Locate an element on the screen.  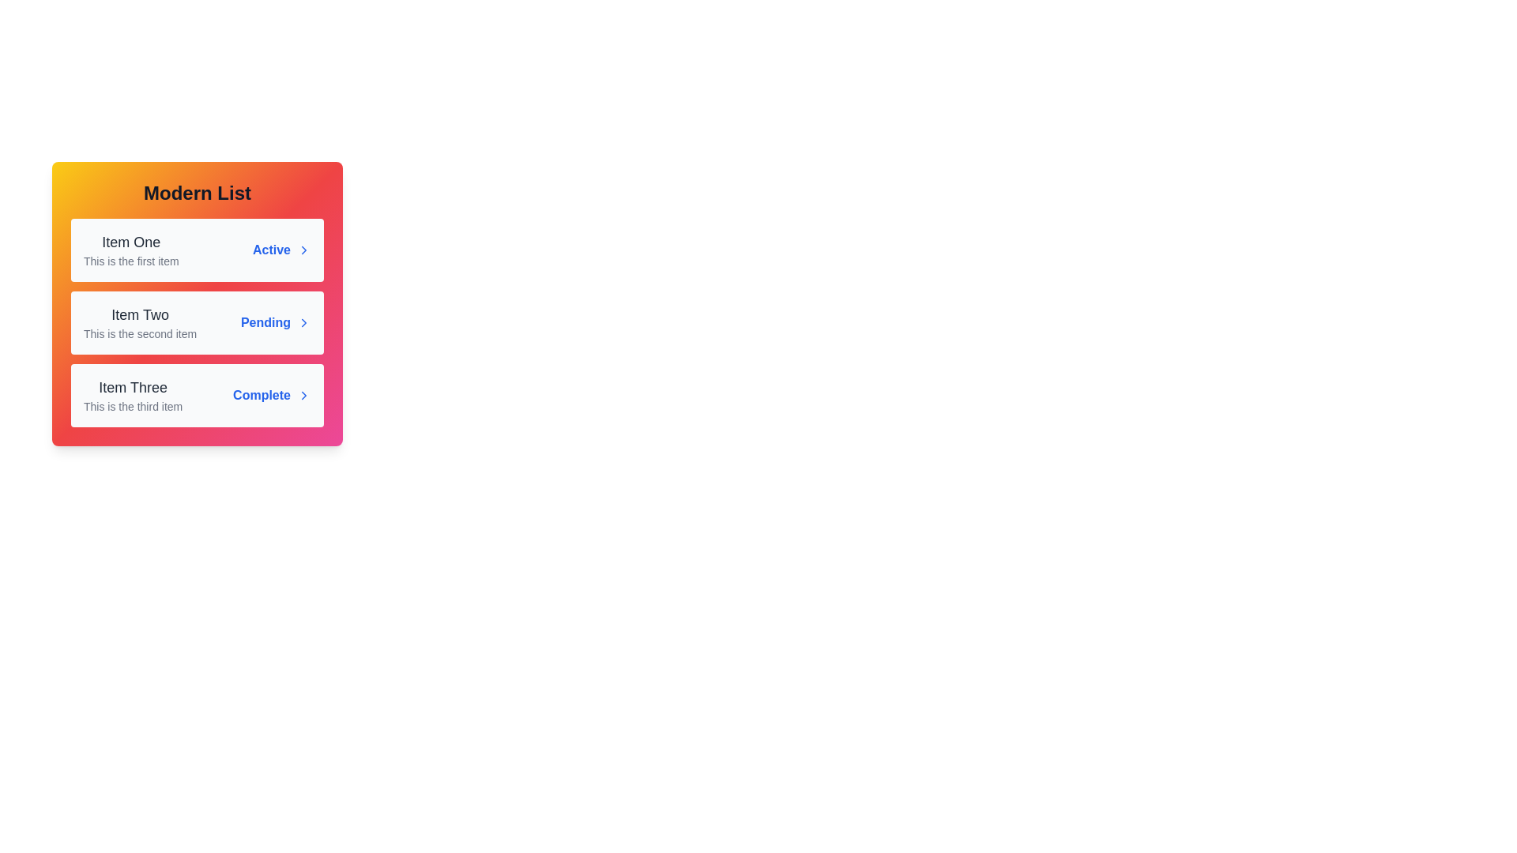
the list item Item One to observe the hover effect is located at coordinates (196, 249).